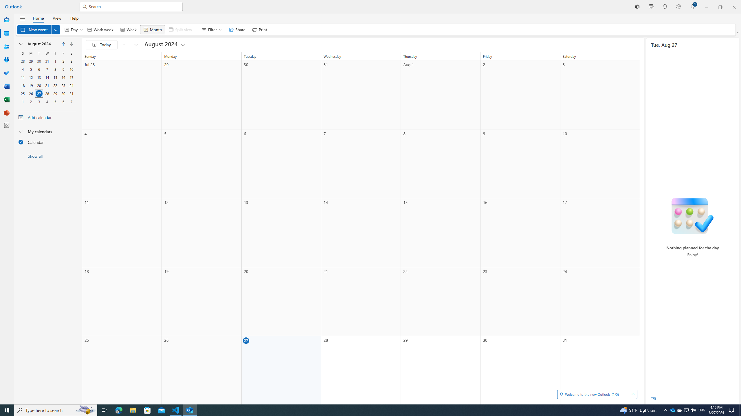 Image resolution: width=741 pixels, height=416 pixels. I want to click on 'Notification Chevron', so click(665, 410).